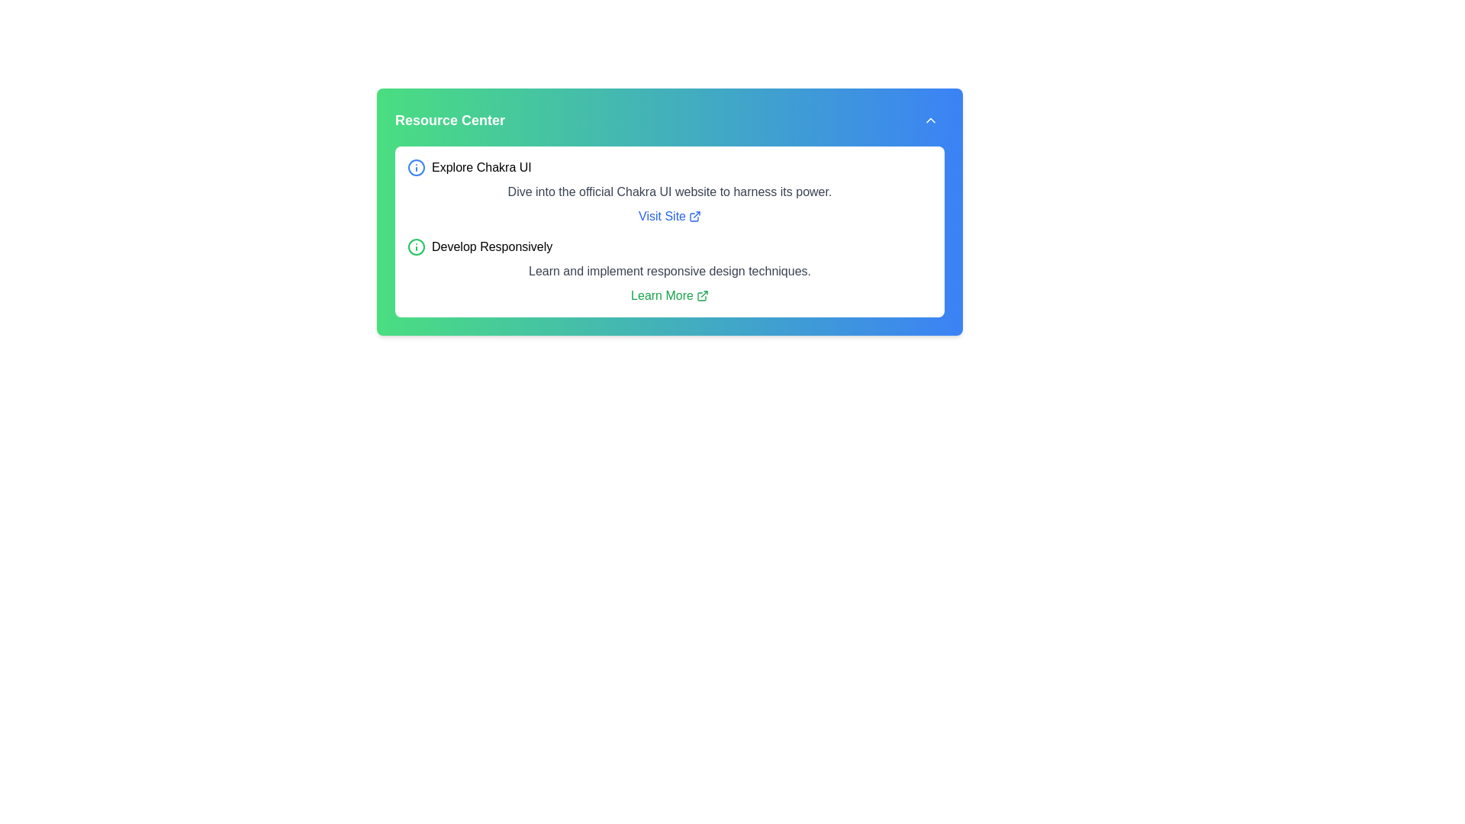  I want to click on the icon that provides supplementary contextual information related to the text 'Develop Responsively', located to the left of the text, so click(417, 246).